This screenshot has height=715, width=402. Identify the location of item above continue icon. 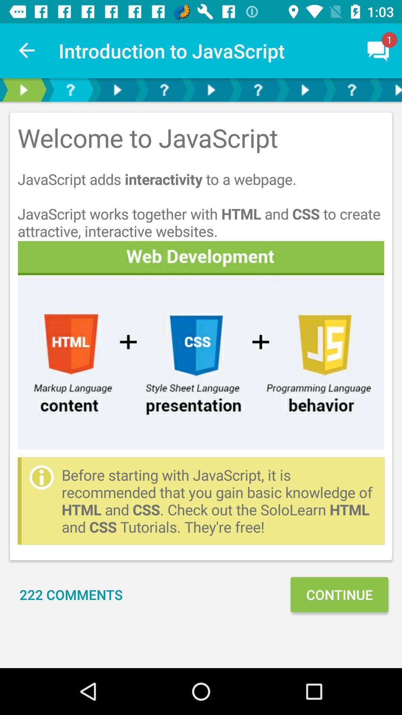
(218, 501).